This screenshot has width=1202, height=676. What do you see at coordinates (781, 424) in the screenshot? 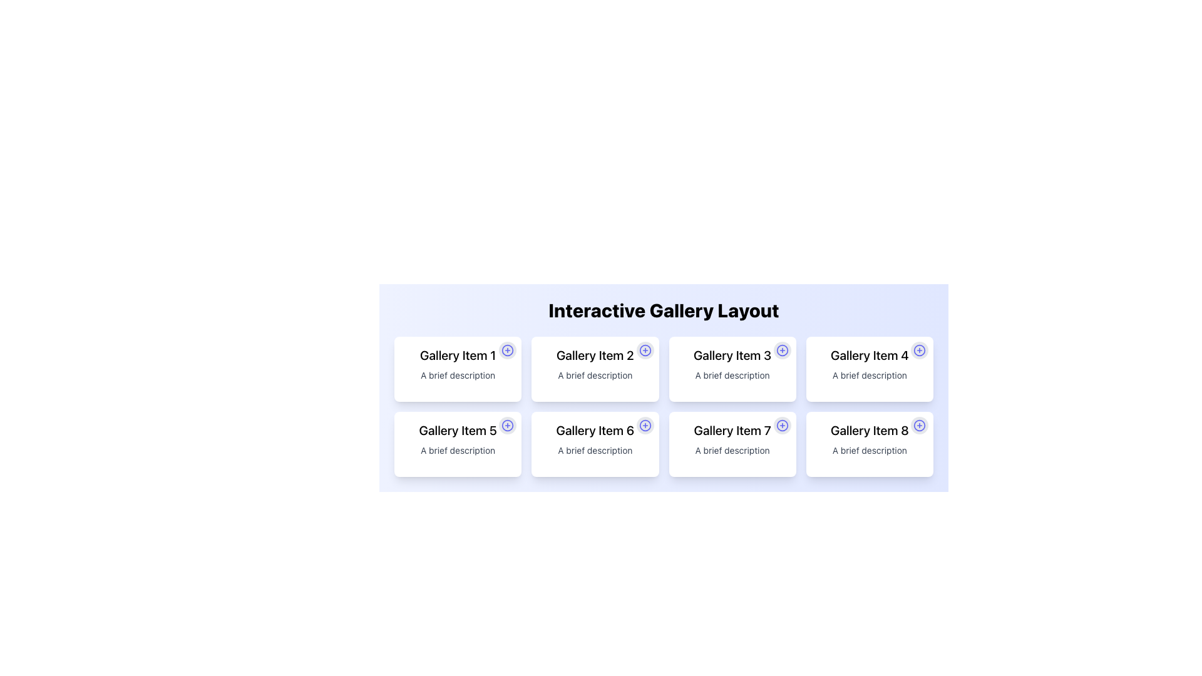
I see `the small circular button with a gray background and a blue plus icon located at the top-right corner of the card labeled 'Gallery Item 7'` at bounding box center [781, 424].